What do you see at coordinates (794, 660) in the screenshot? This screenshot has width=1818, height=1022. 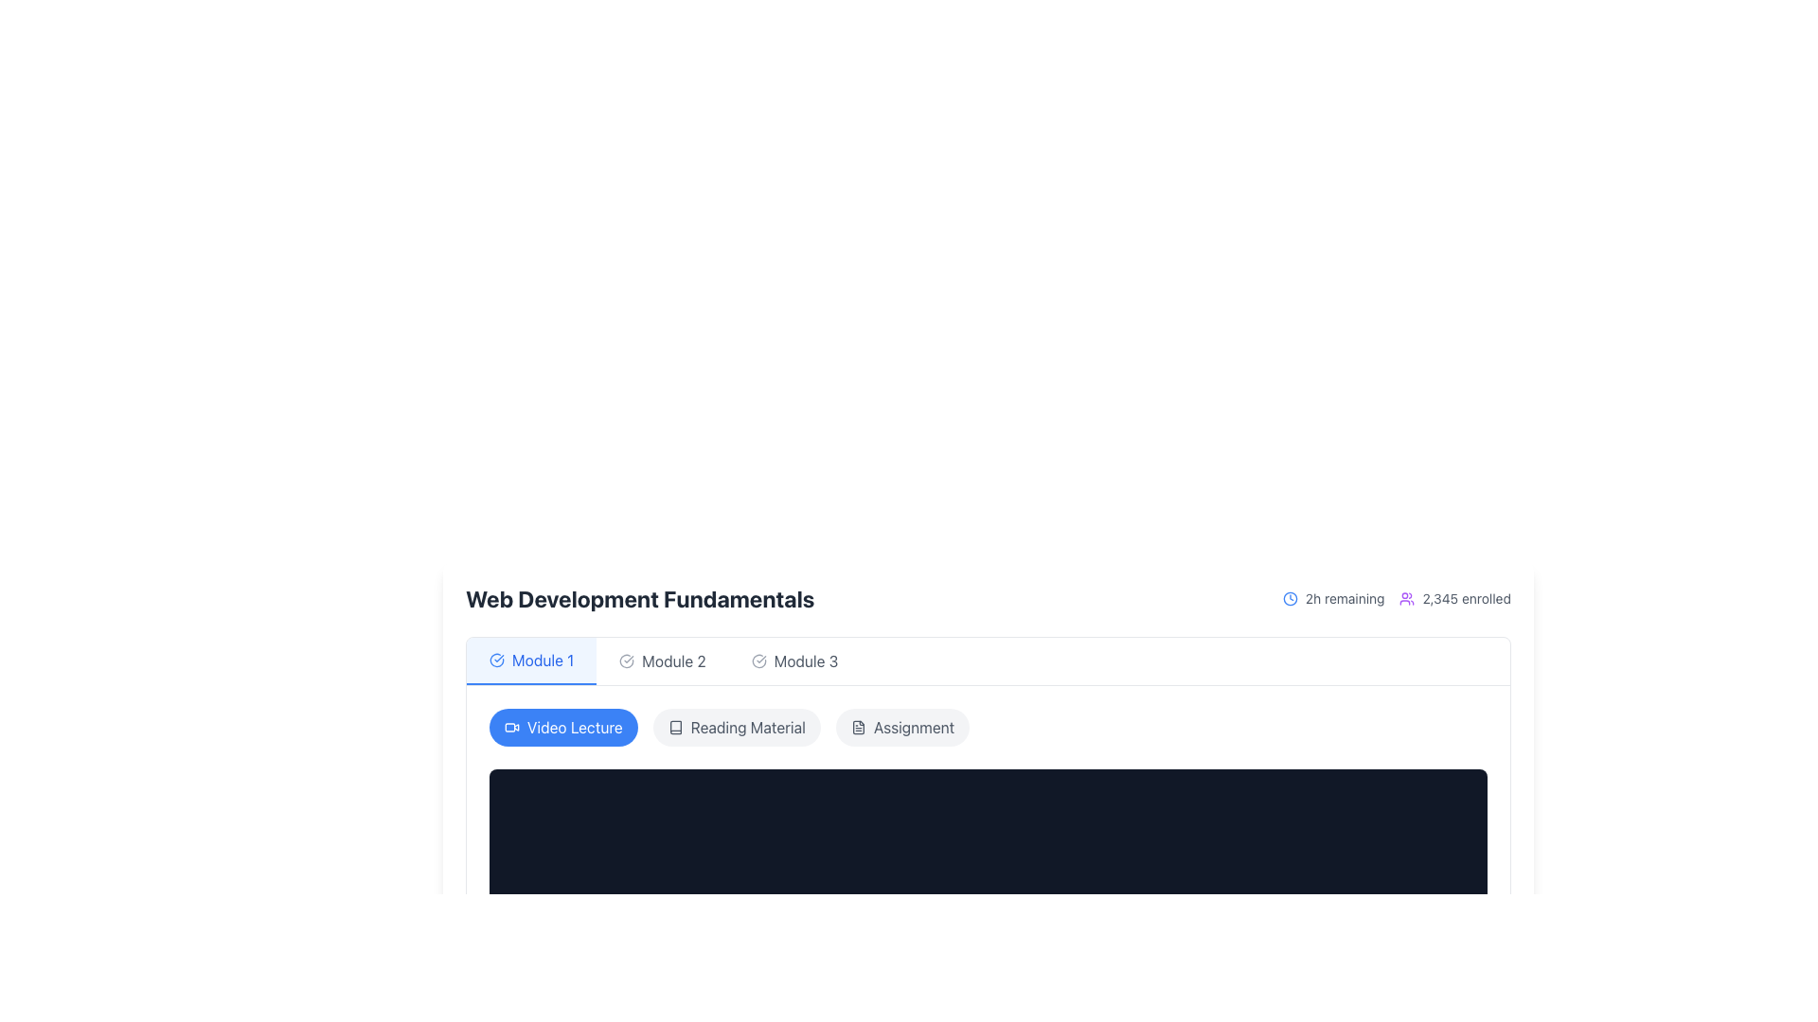 I see `the 'Module 3' button, which is the third item in the horizontal navigation bar` at bounding box center [794, 660].